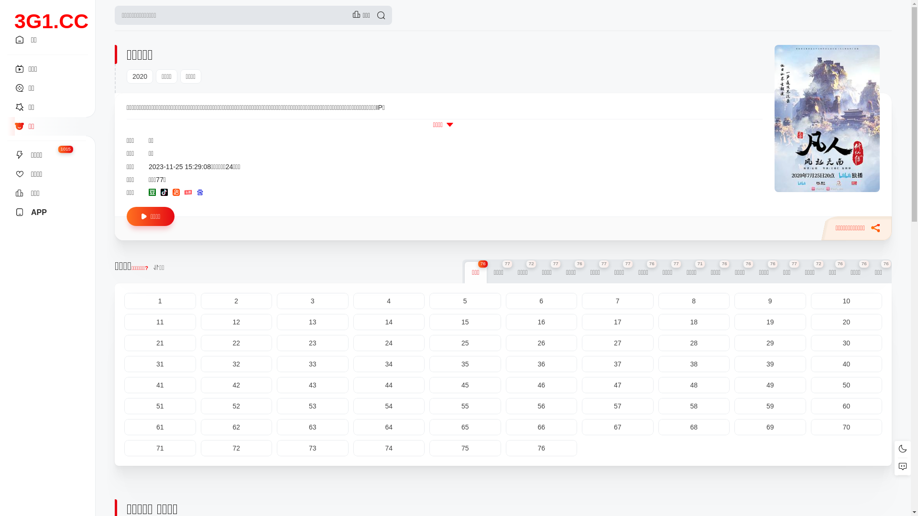 The height and width of the screenshot is (516, 918). I want to click on '52', so click(236, 406).